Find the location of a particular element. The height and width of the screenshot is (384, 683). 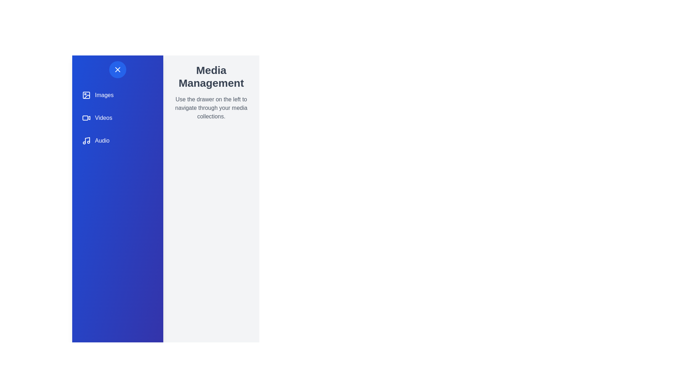

the text label 'Videos' styled with a white font on a blue background is located at coordinates (103, 117).